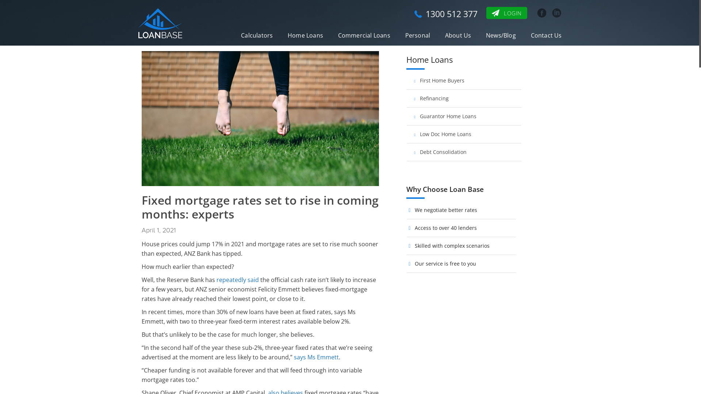  I want to click on 'Contact Us', so click(546, 35).